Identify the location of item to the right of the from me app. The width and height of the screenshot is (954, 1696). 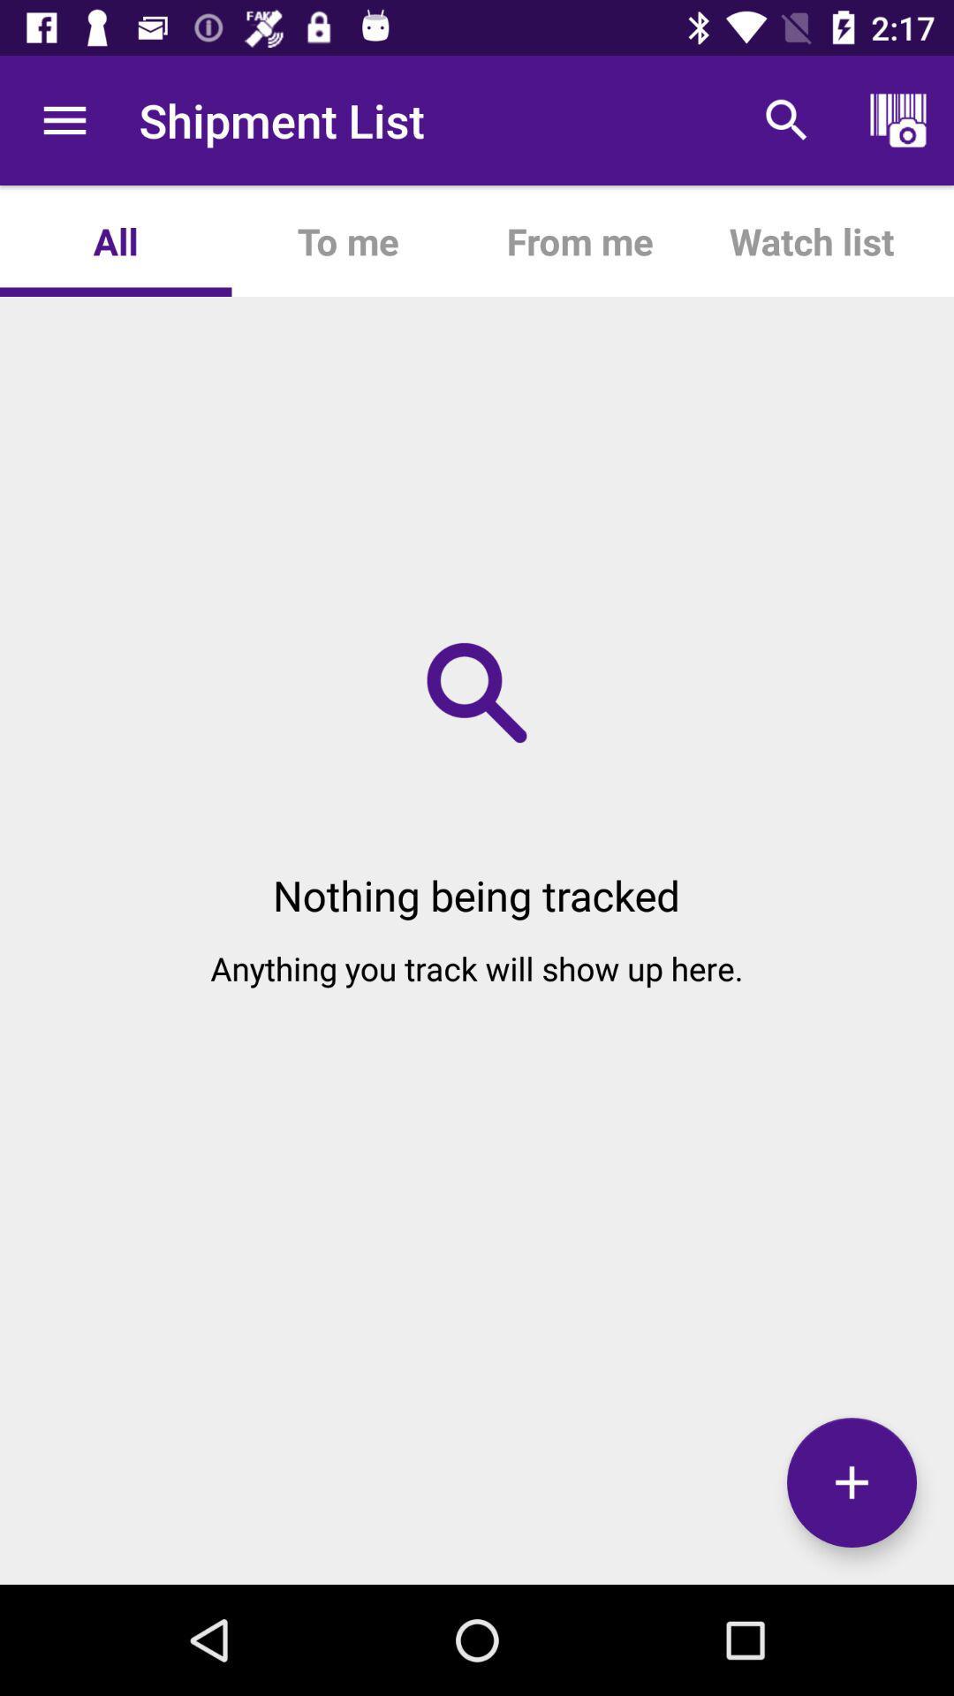
(786, 119).